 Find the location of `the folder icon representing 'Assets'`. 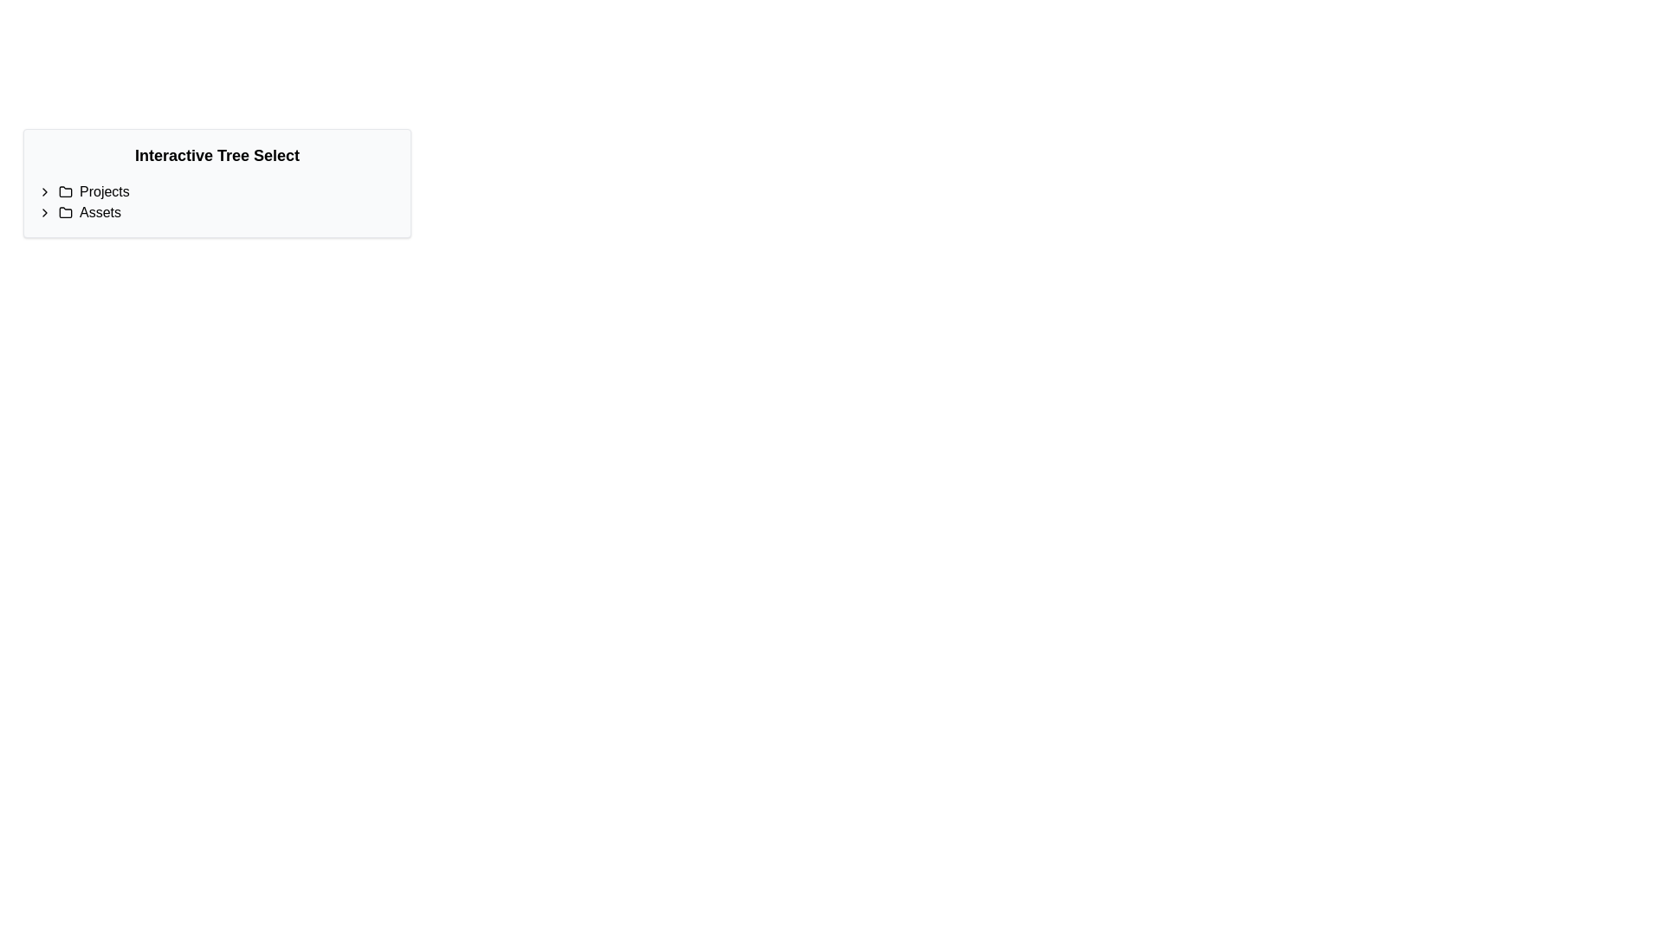

the folder icon representing 'Assets' is located at coordinates (66, 211).